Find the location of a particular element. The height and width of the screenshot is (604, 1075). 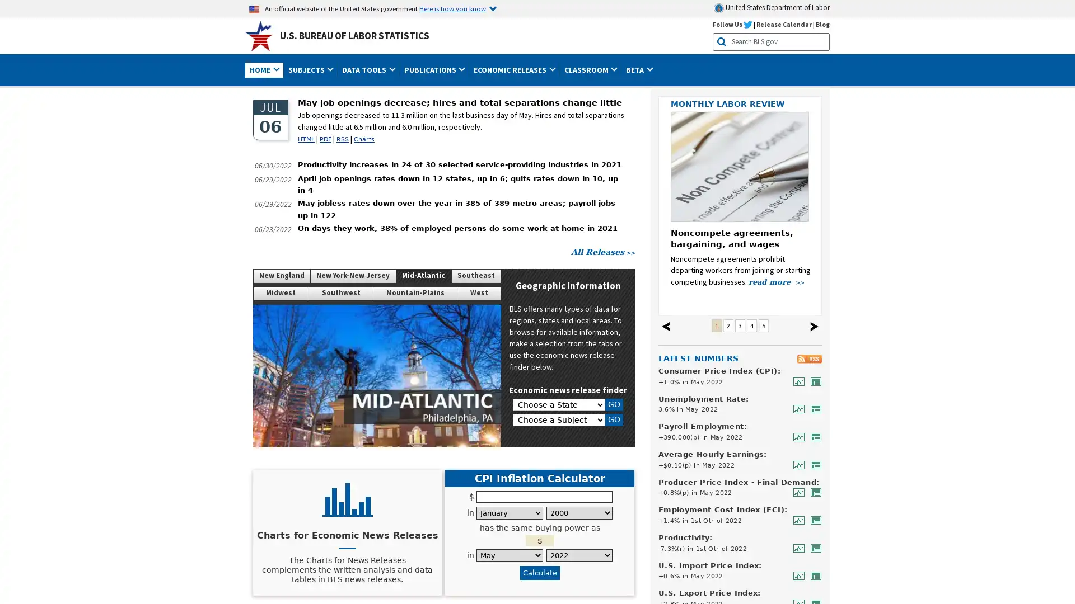

GO is located at coordinates (614, 419).